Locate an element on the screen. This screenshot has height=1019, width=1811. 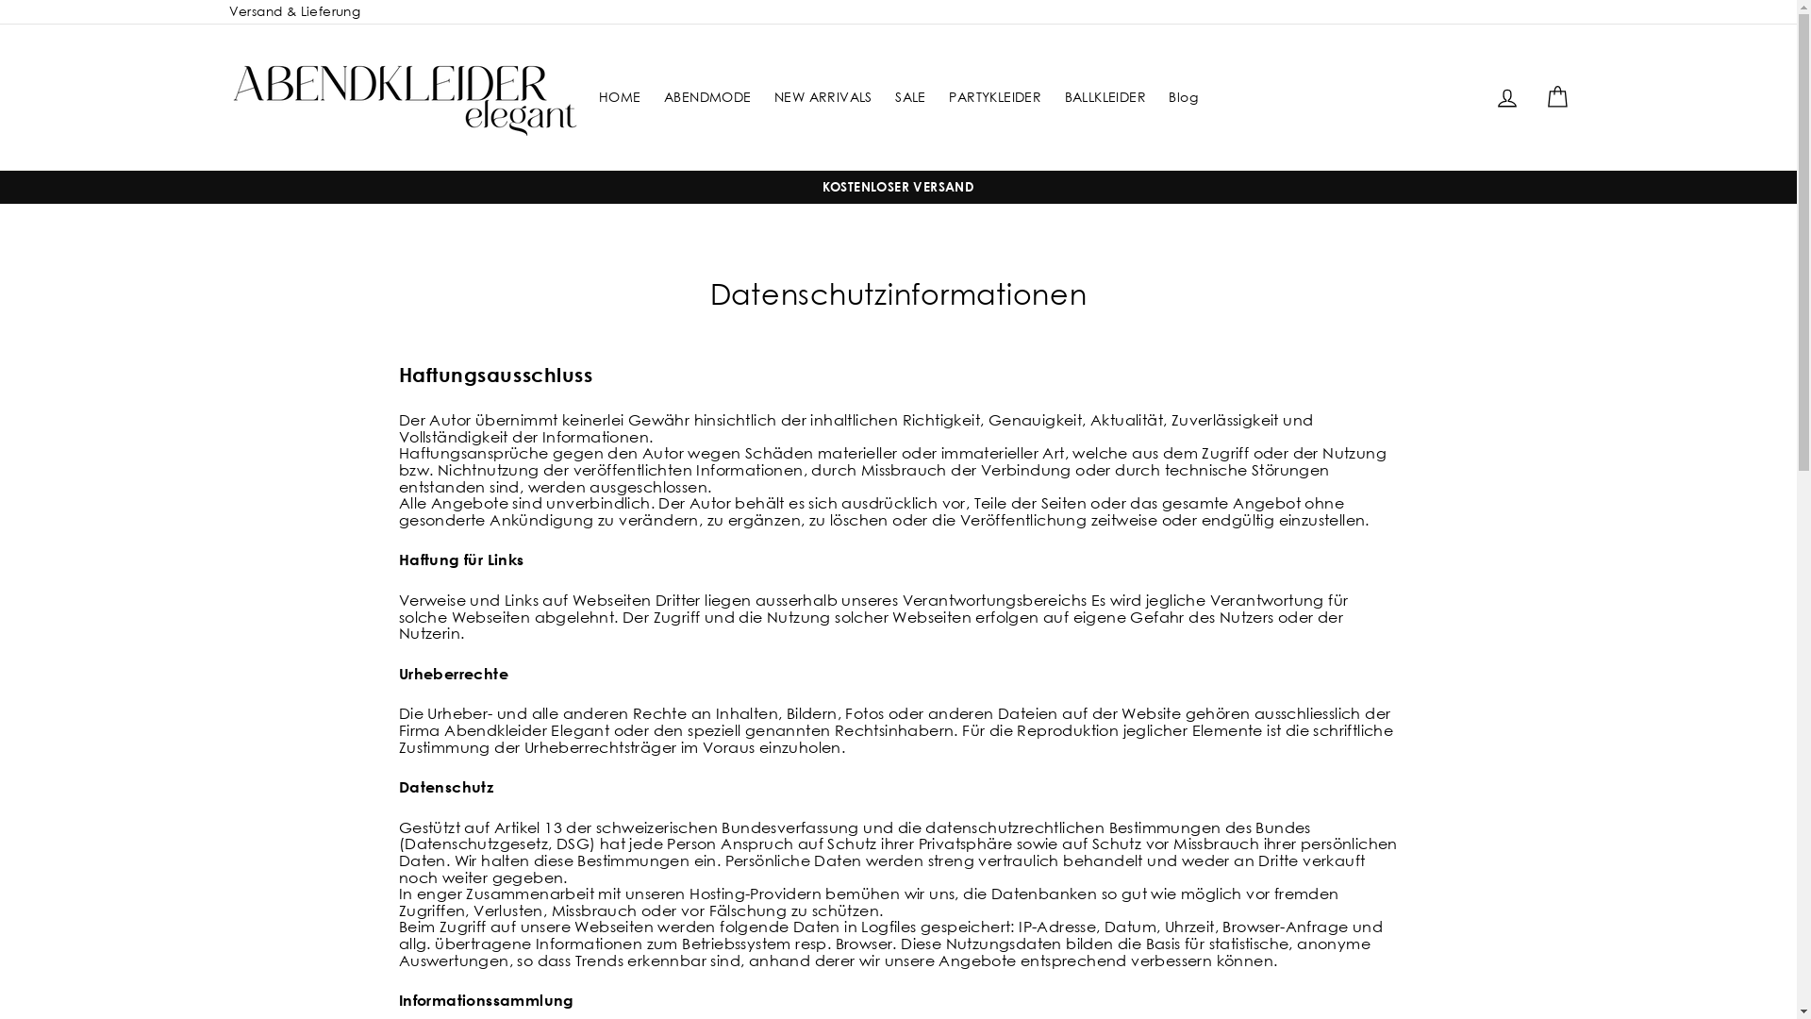
'NEW ARRIVALS' is located at coordinates (765, 97).